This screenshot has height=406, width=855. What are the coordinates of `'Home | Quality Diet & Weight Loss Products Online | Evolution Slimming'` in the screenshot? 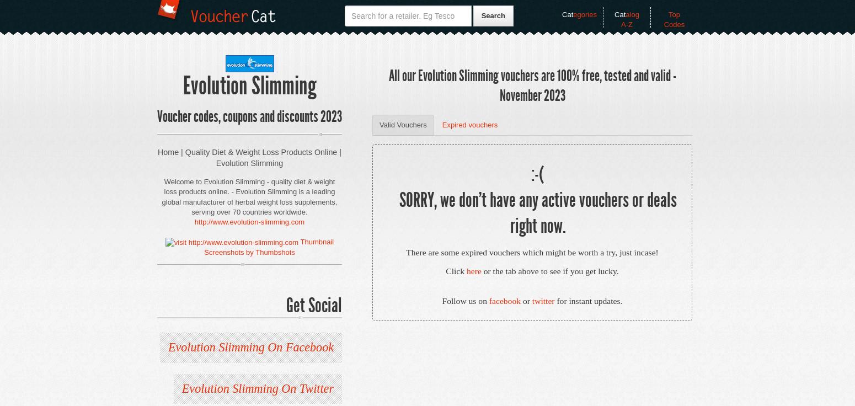 It's located at (249, 157).